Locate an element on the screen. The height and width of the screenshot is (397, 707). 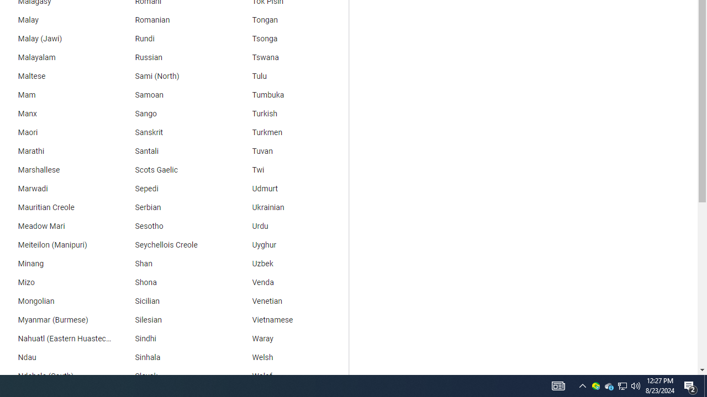
'Sango' is located at coordinates (172, 114).